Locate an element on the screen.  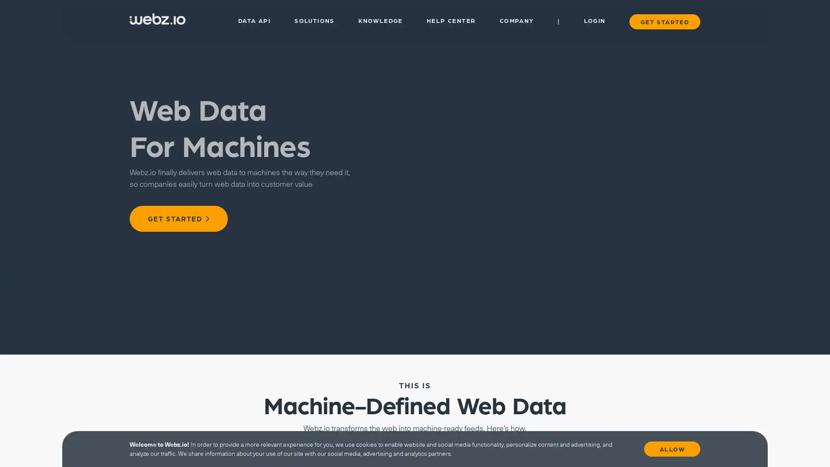
GET STARTED is located at coordinates (664, 21).